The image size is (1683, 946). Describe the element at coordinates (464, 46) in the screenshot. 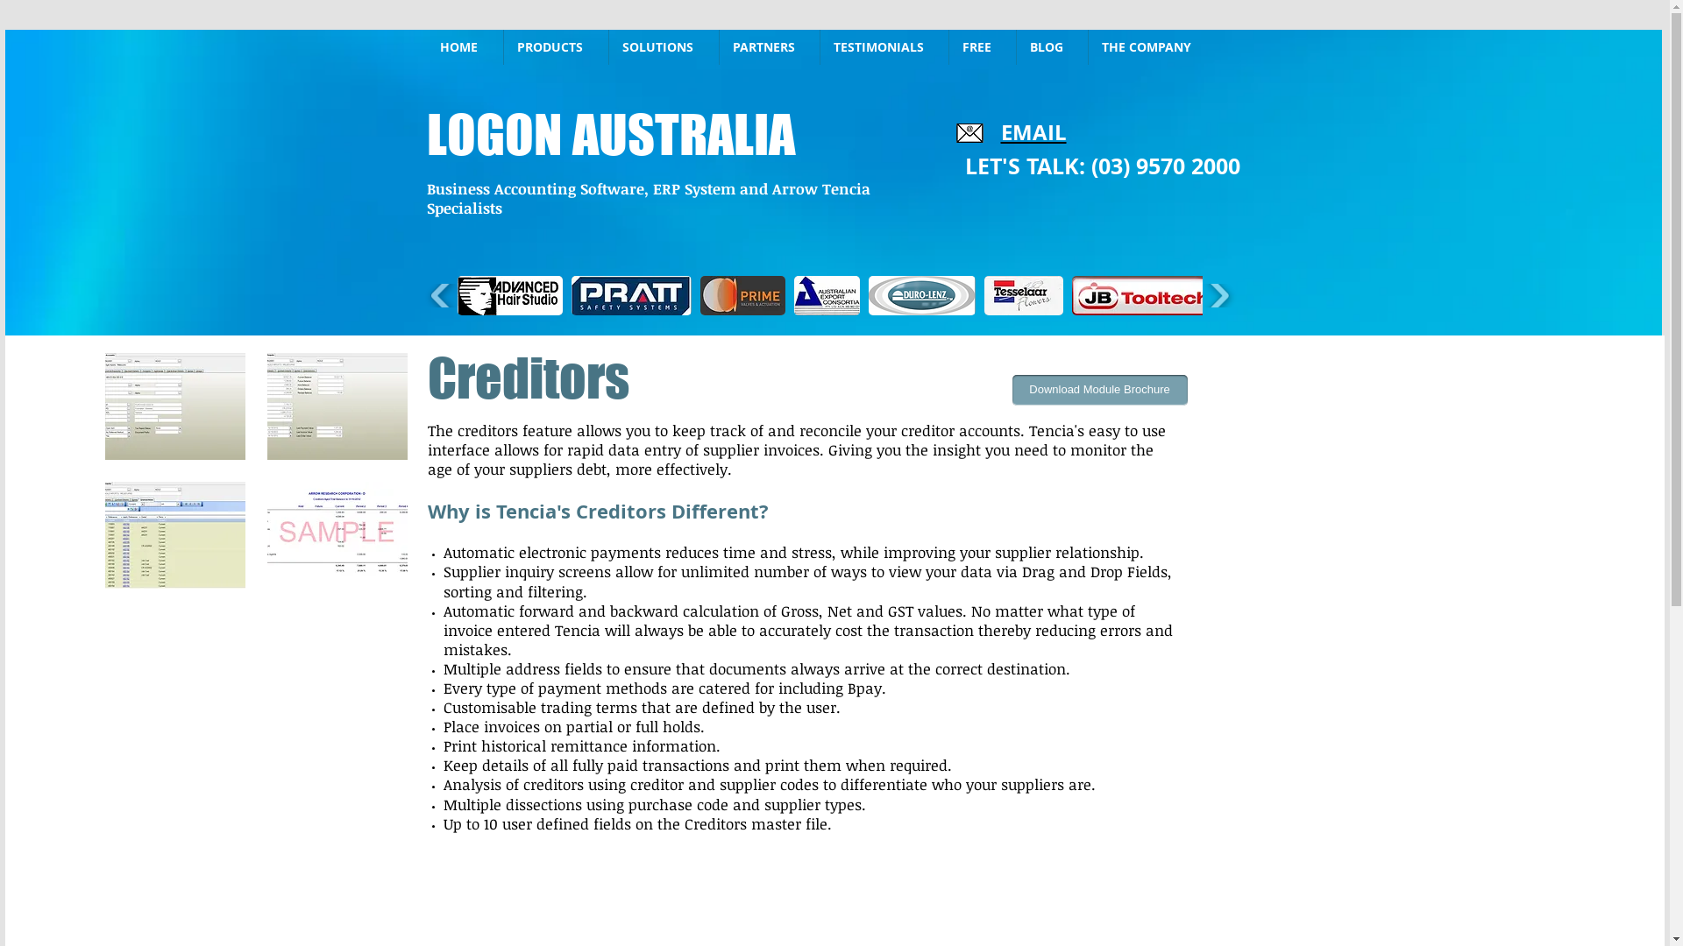

I see `'HOME'` at that location.